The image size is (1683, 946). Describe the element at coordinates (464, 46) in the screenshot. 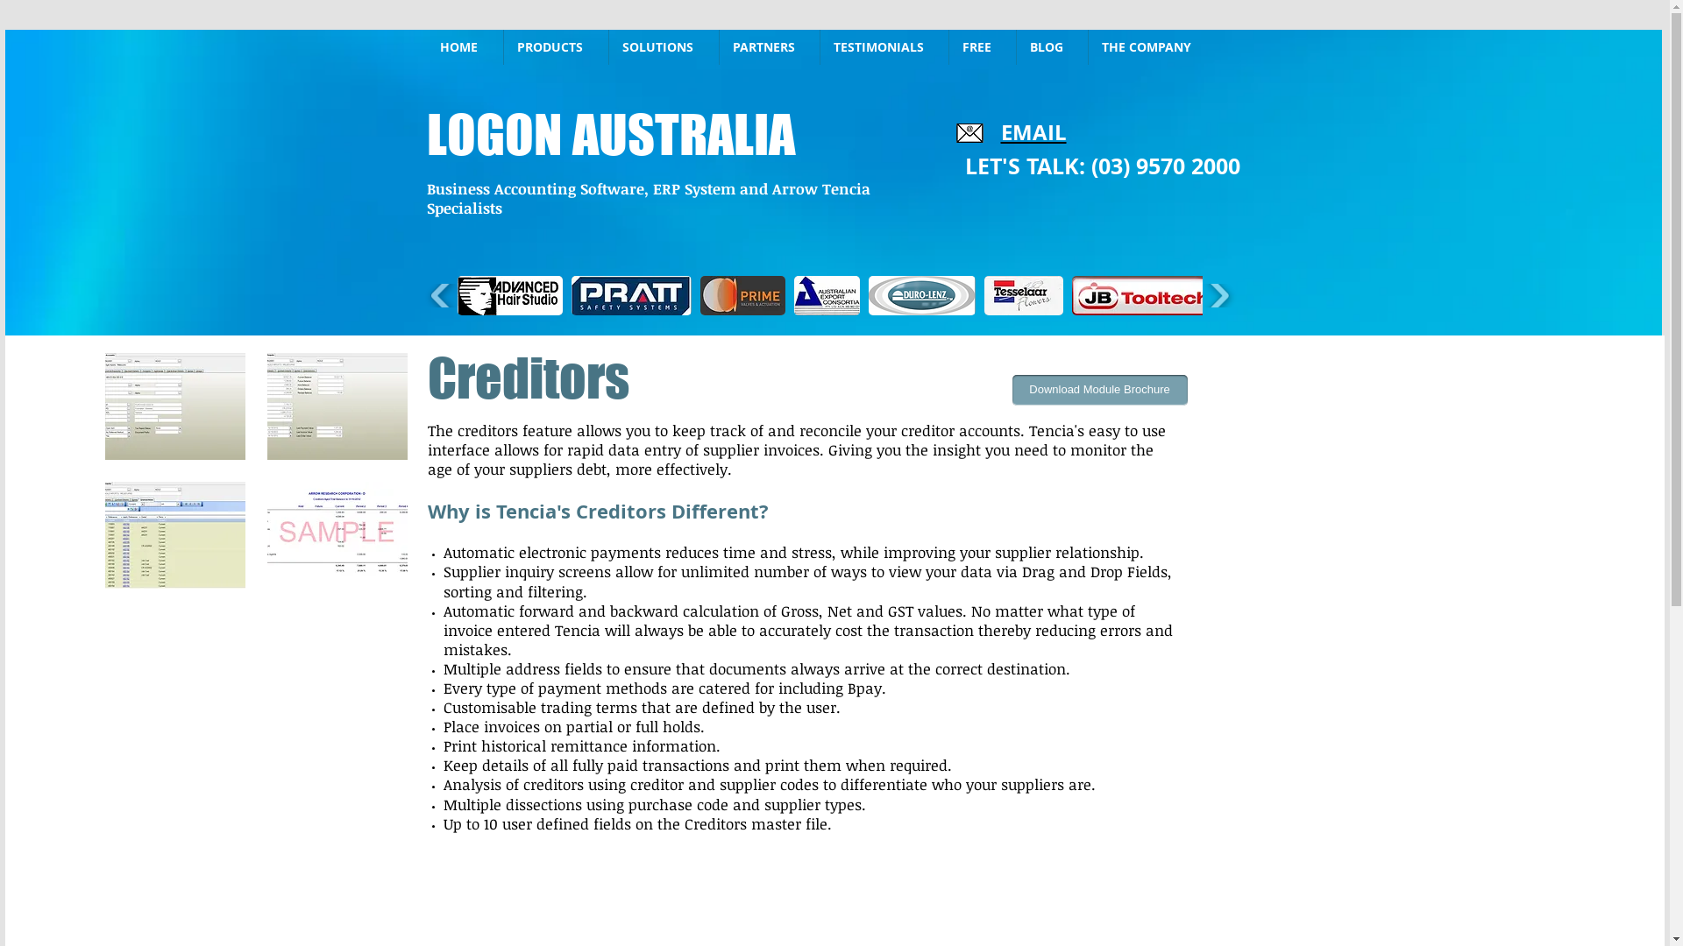

I see `'HOME'` at that location.